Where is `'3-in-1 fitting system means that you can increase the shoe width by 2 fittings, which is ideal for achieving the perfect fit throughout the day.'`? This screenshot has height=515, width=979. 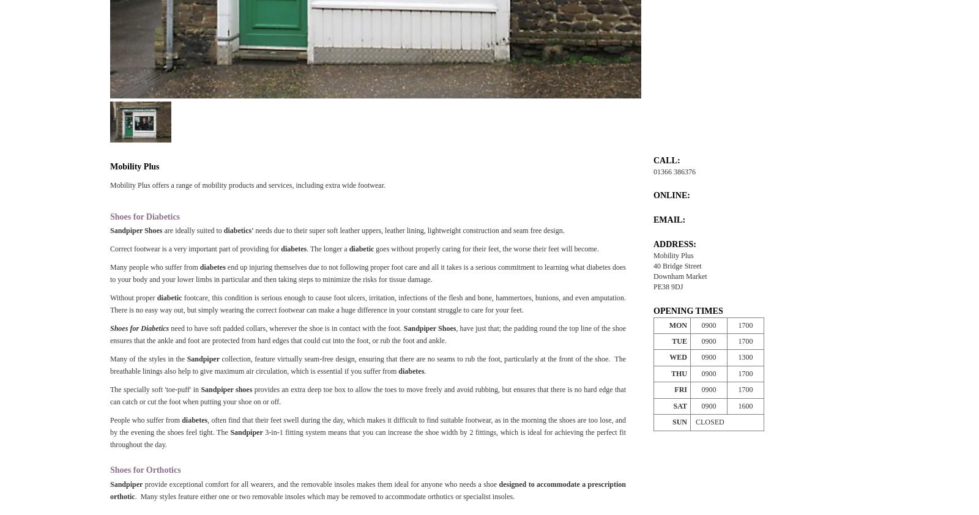 '3-in-1 fitting system means that you can increase the shoe width by 2 fittings, which is ideal for achieving the perfect fit throughout the day.' is located at coordinates (110, 438).